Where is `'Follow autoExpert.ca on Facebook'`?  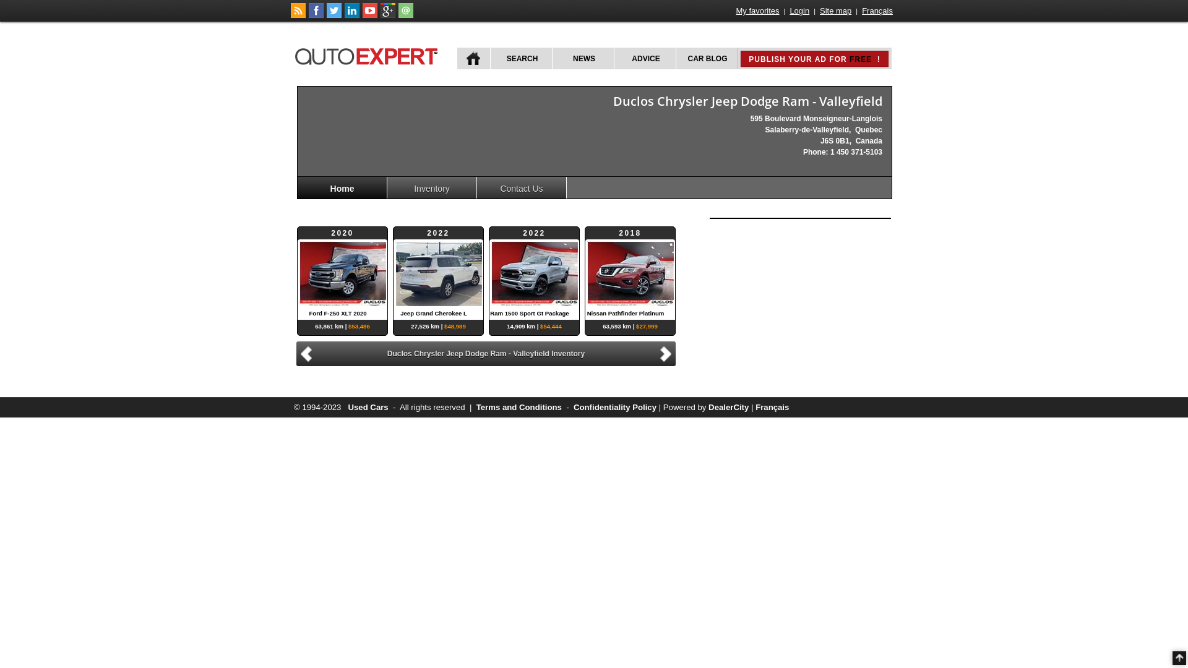 'Follow autoExpert.ca on Facebook' is located at coordinates (316, 15).